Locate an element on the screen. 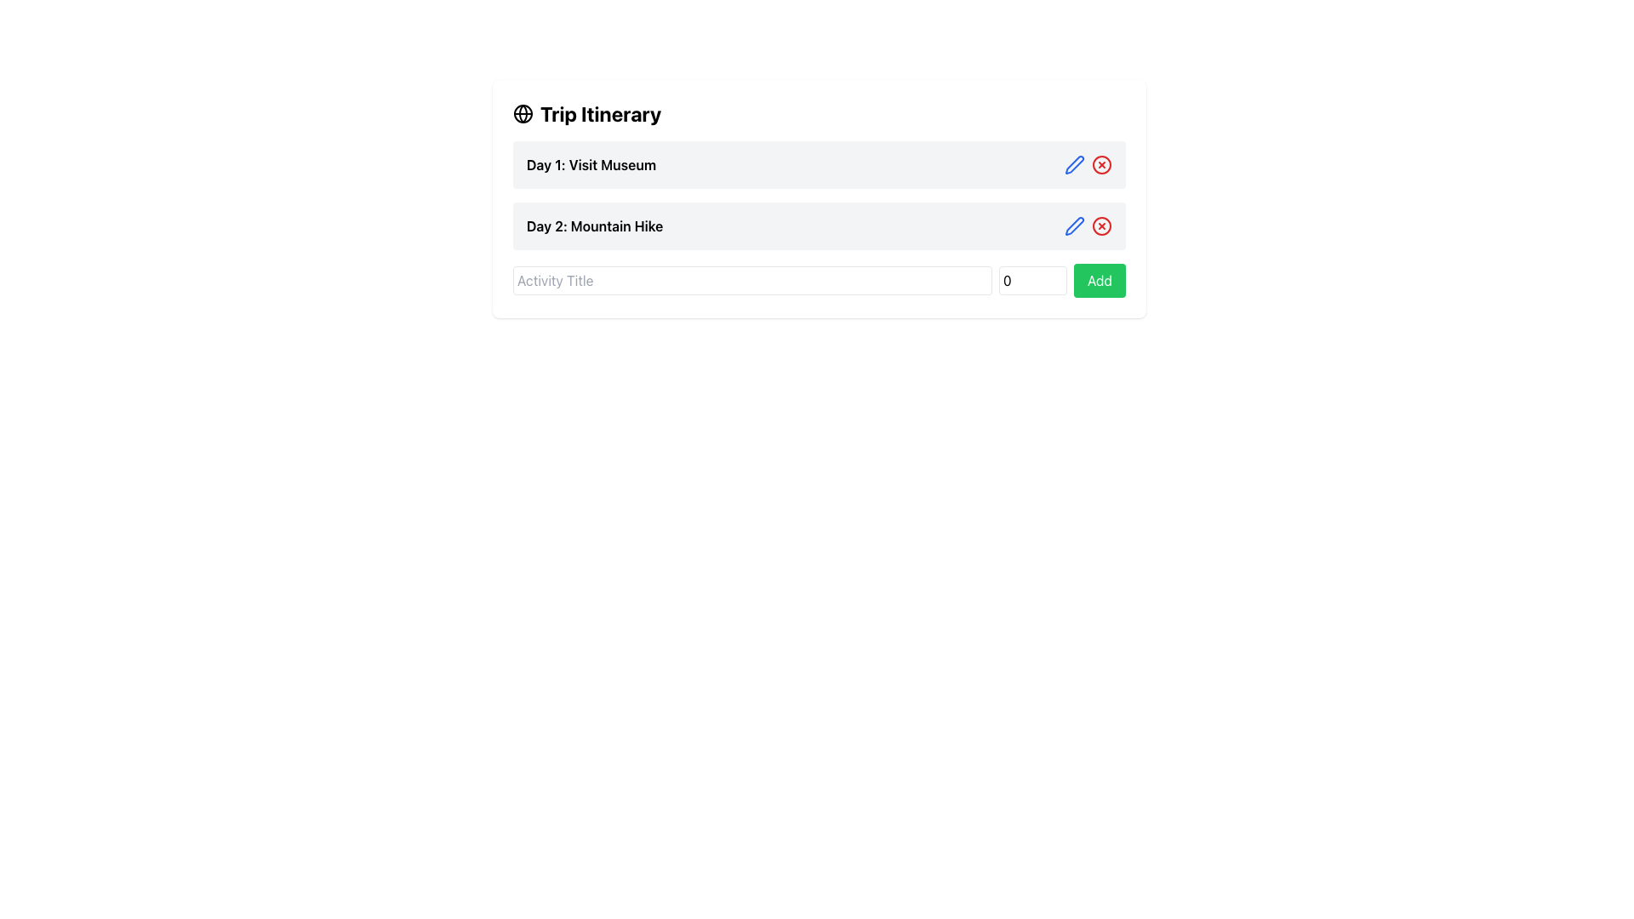  the edit icon button located to the right of the 'Day 2: Mountain Hike' label in the second row of the itinerary section to initiate editing is located at coordinates (1073, 163).